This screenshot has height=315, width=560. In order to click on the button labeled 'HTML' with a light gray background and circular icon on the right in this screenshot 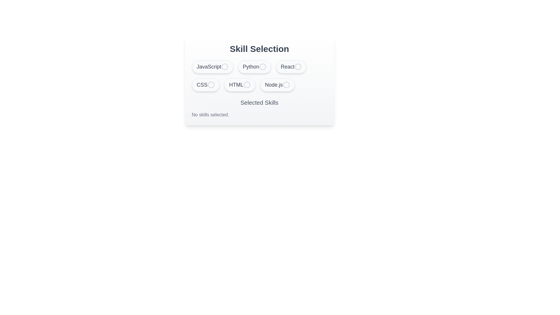, I will do `click(239, 85)`.